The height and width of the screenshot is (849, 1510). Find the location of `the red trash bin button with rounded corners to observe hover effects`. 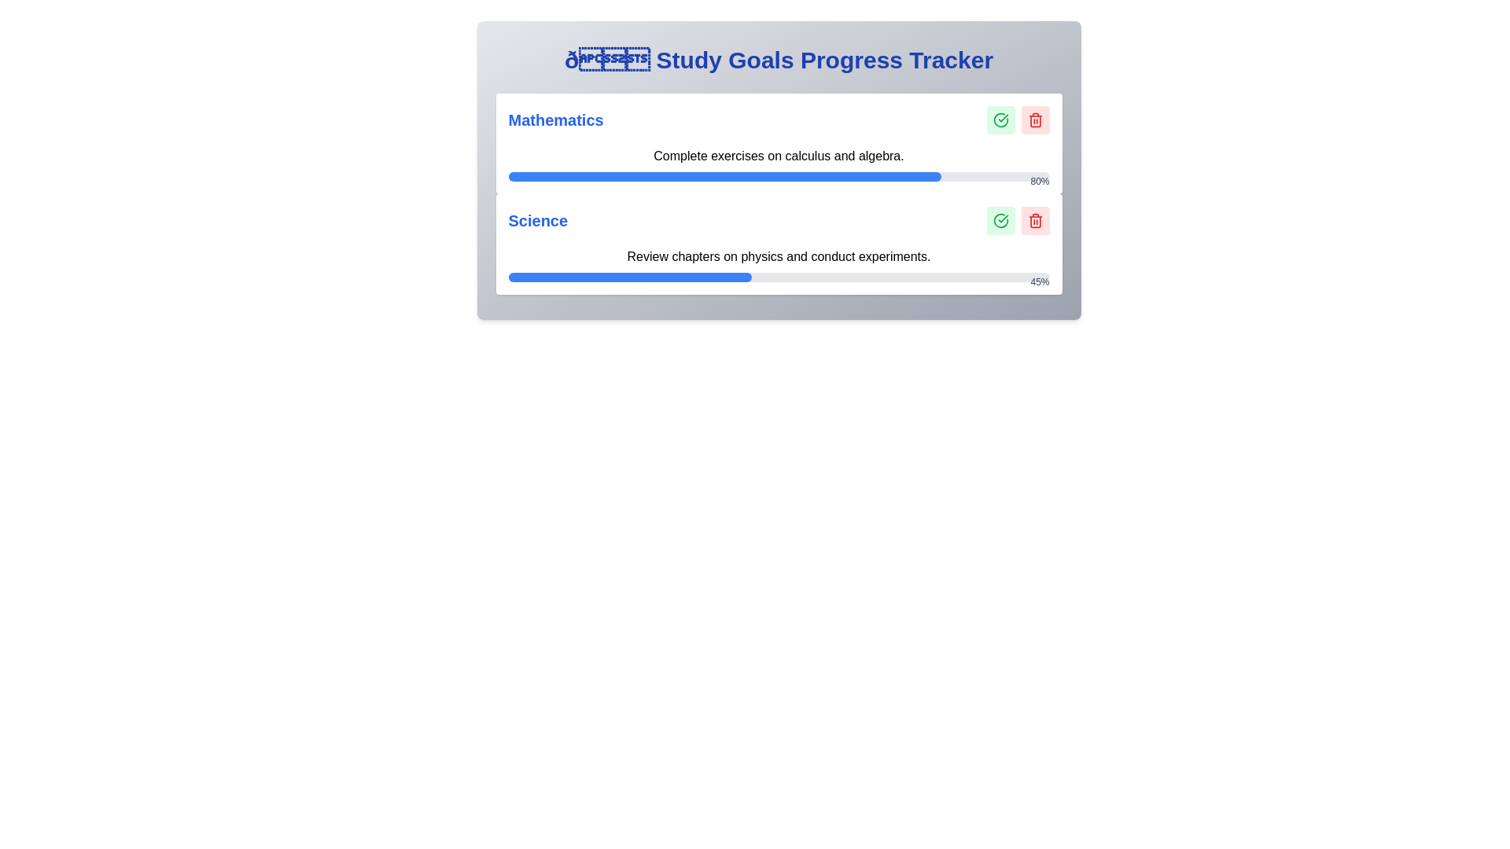

the red trash bin button with rounded corners to observe hover effects is located at coordinates (1035, 119).